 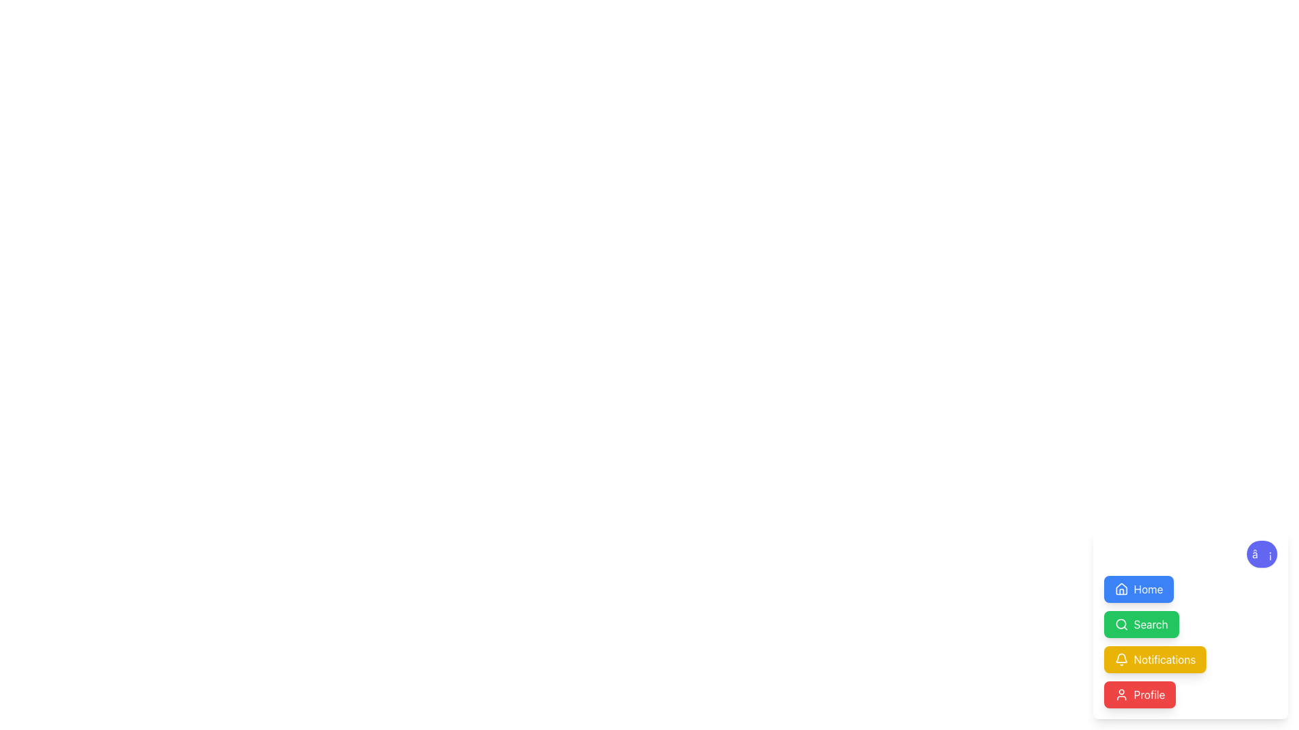 I want to click on the house icon located to the left of the 'Home' text label in the 'Home' button, which is the first button in a vertical list on the right side of the interface, so click(x=1121, y=588).